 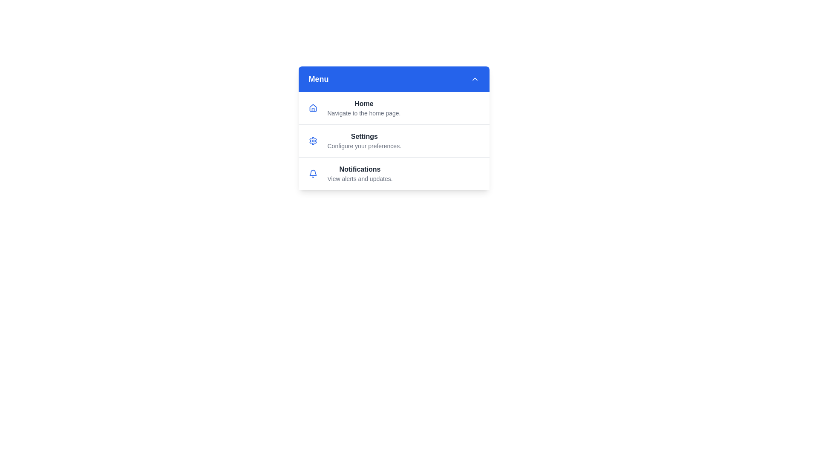 I want to click on the menu button to toggle the dropdown menu, so click(x=393, y=79).